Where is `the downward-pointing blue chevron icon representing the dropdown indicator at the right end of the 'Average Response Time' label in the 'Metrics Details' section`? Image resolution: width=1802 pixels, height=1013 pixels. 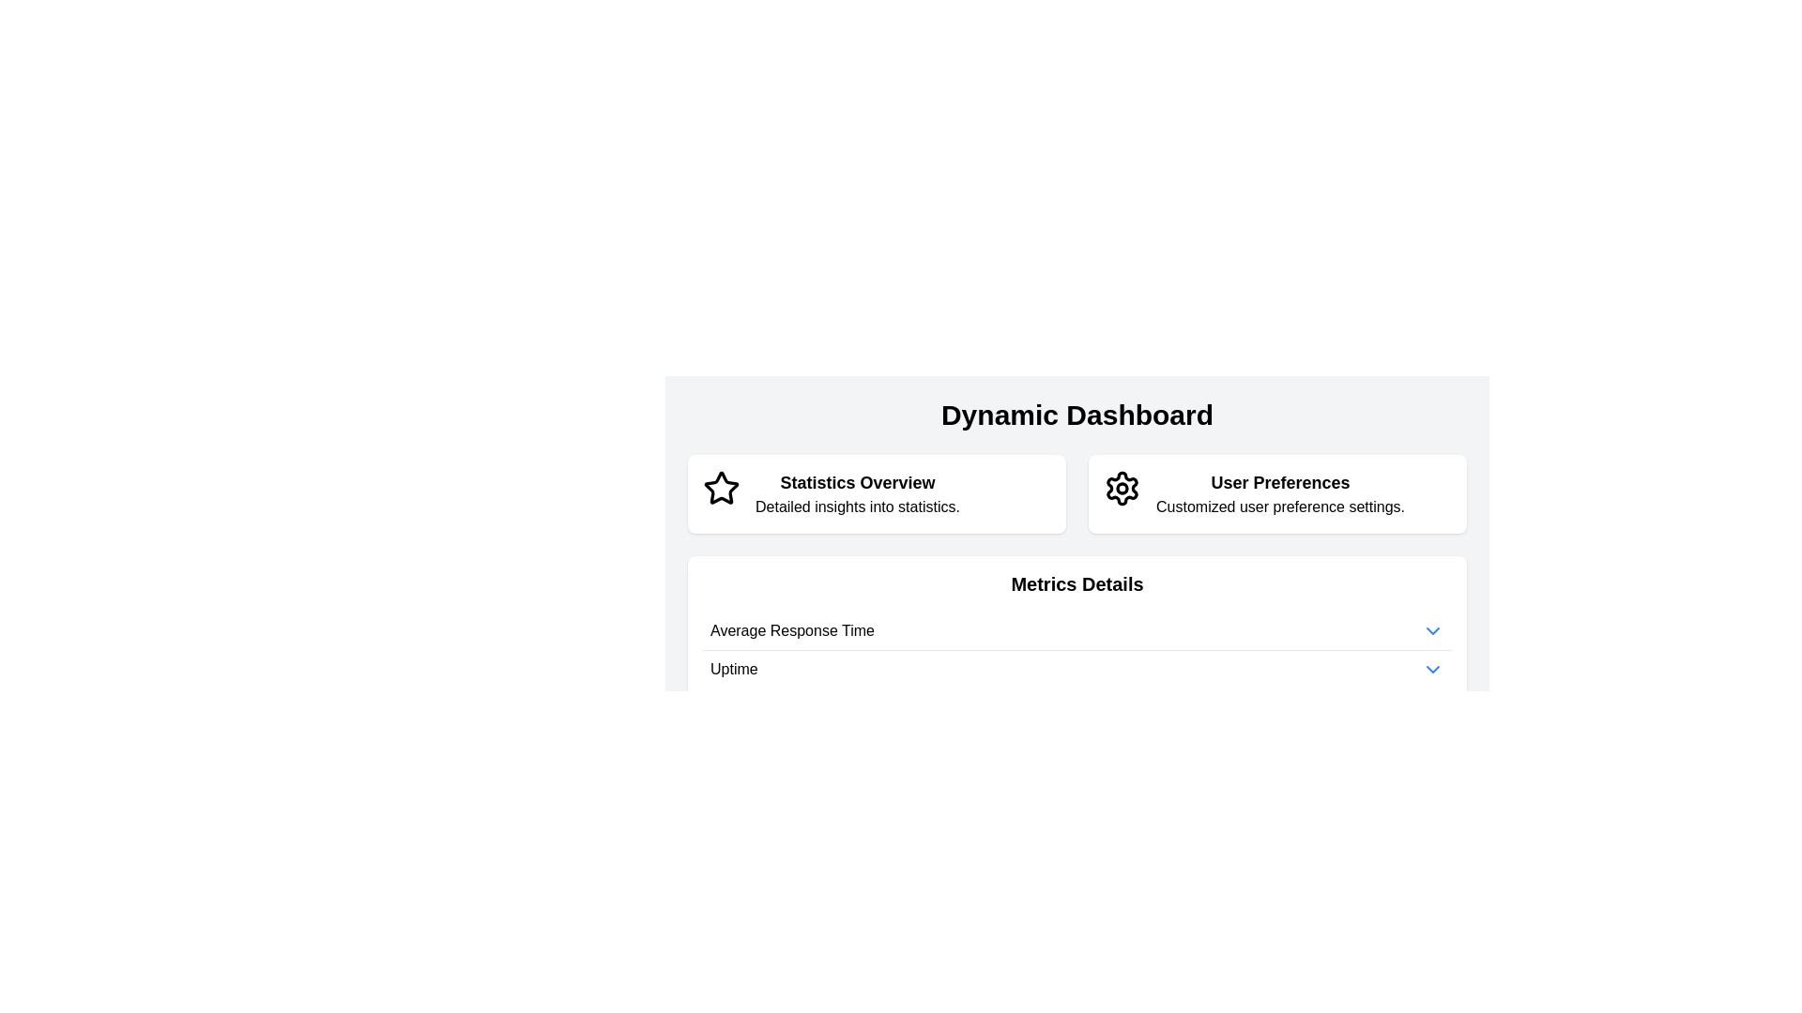
the downward-pointing blue chevron icon representing the dropdown indicator at the right end of the 'Average Response Time' label in the 'Metrics Details' section is located at coordinates (1431, 630).